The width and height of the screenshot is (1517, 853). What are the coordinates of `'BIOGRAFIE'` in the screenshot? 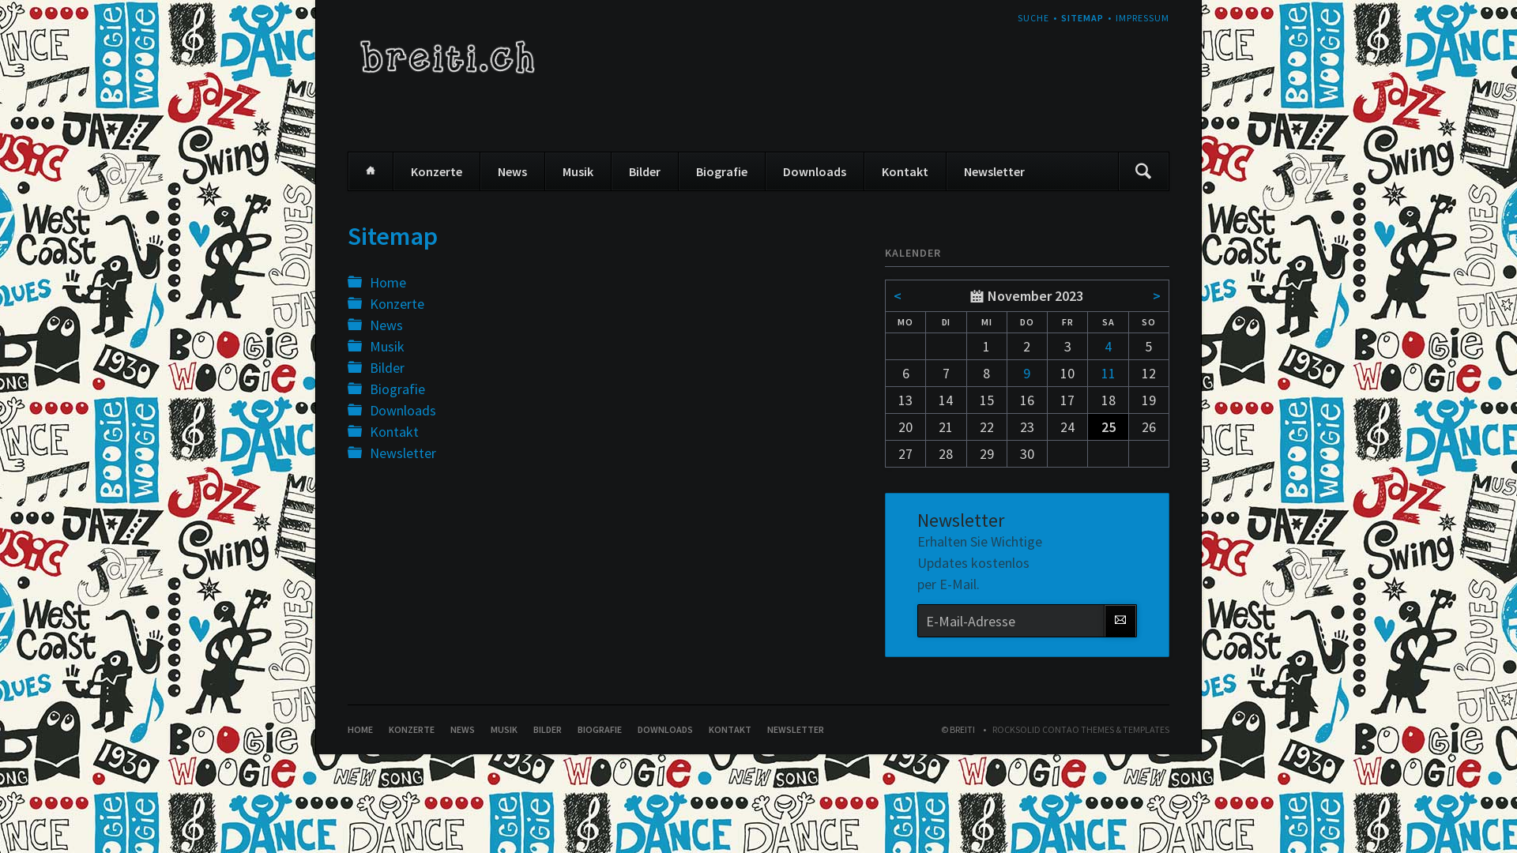 It's located at (598, 729).